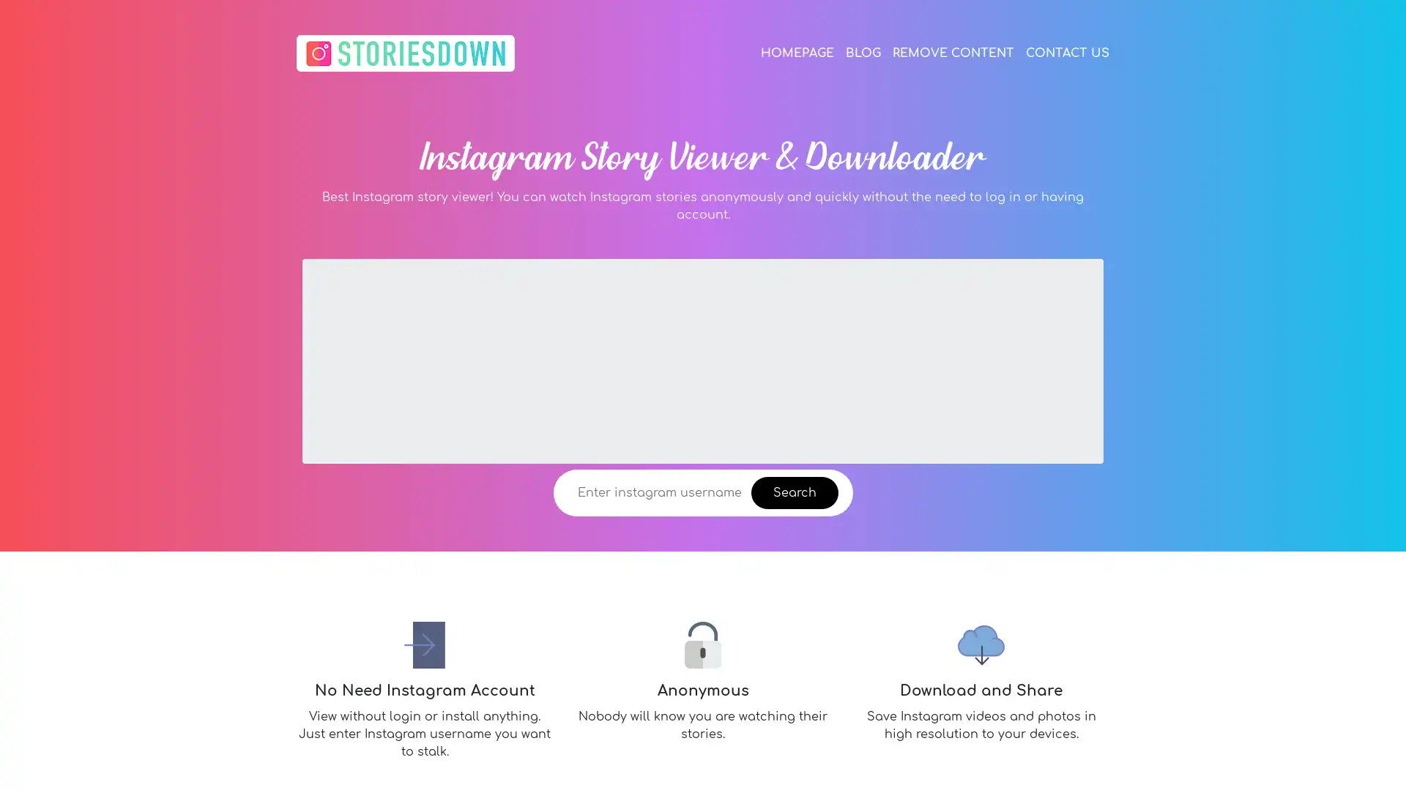 The height and width of the screenshot is (790, 1406). What do you see at coordinates (793, 493) in the screenshot?
I see `Search` at bounding box center [793, 493].